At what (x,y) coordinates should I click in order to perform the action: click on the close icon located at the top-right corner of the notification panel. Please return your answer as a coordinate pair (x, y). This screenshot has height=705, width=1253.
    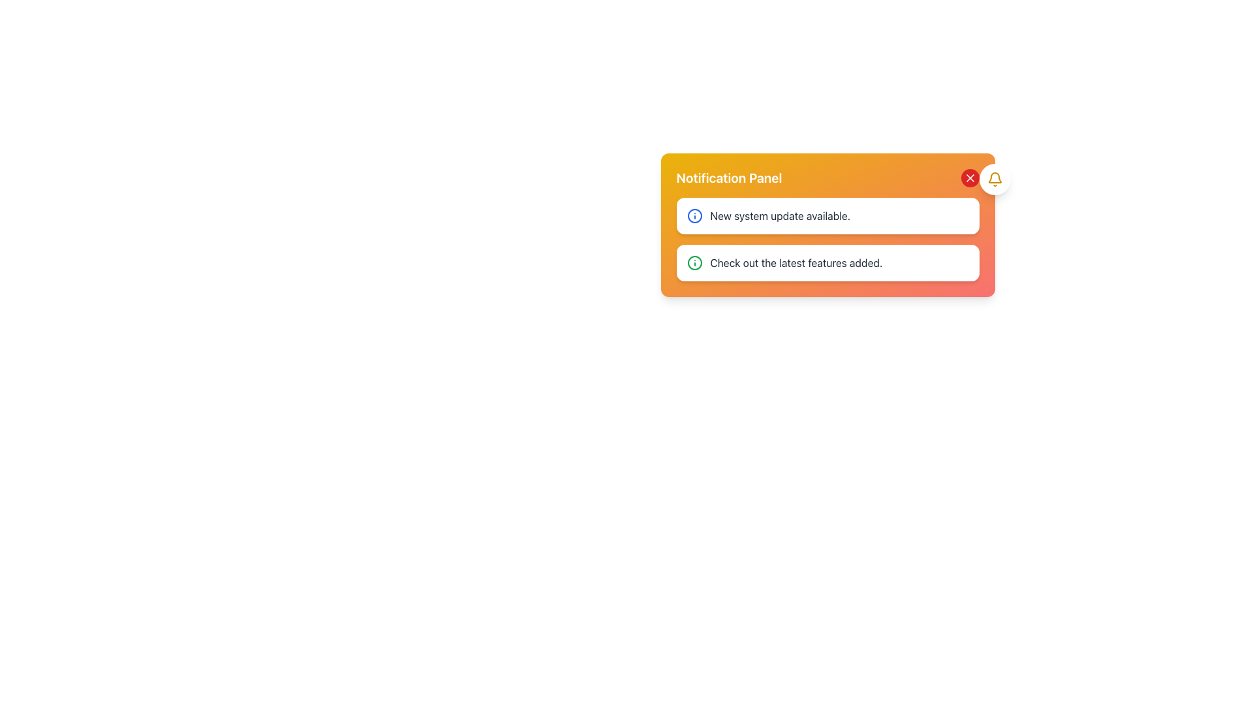
    Looking at the image, I should click on (970, 178).